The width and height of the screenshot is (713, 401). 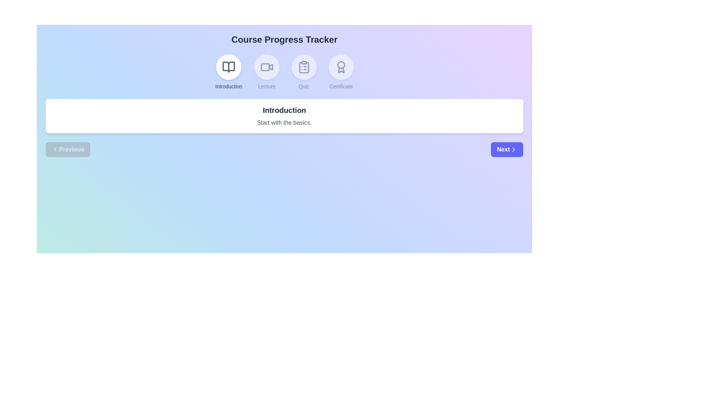 What do you see at coordinates (267, 67) in the screenshot?
I see `the icon representing the Lecture step in the course progress tracker` at bounding box center [267, 67].